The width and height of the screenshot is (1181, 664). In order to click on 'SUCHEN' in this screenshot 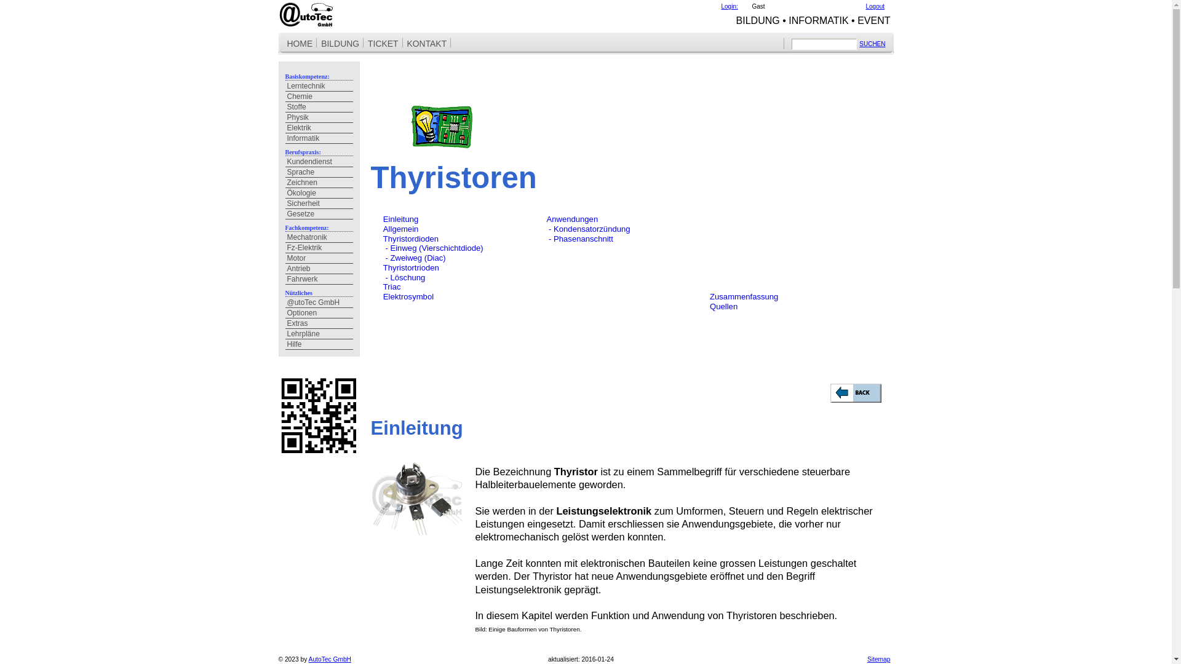, I will do `click(871, 43)`.